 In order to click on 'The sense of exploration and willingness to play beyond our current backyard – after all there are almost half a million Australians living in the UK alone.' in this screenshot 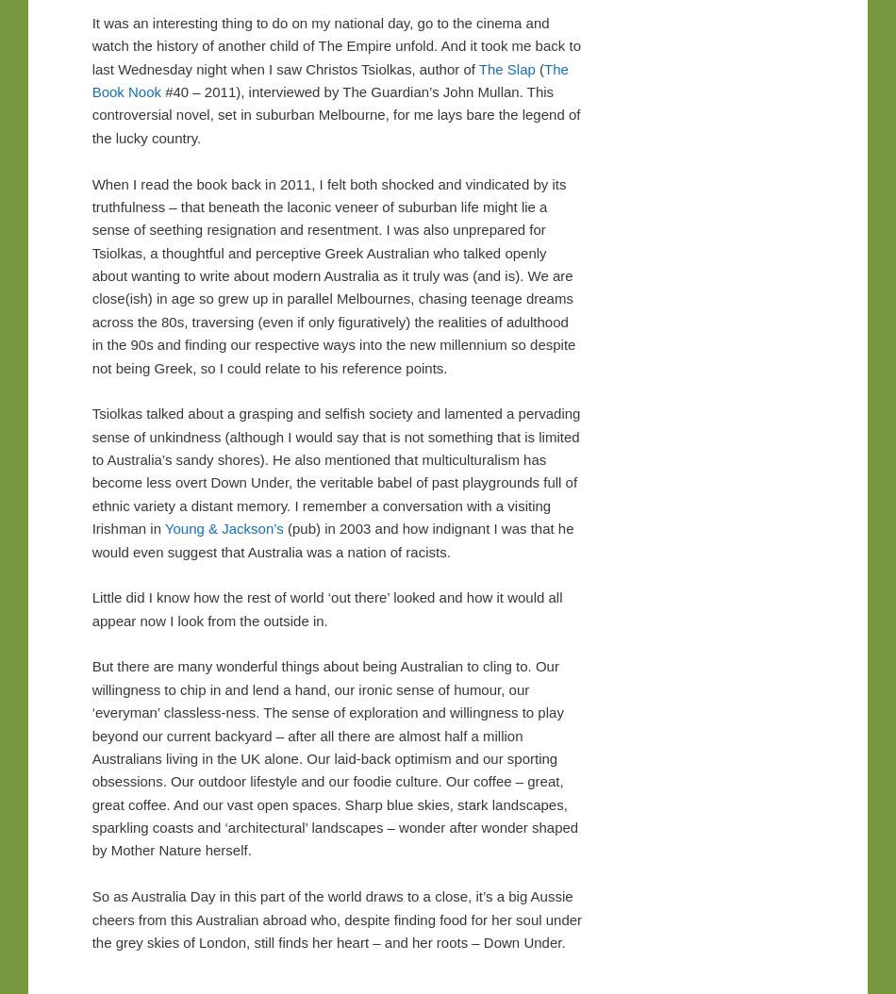, I will do `click(326, 735)`.